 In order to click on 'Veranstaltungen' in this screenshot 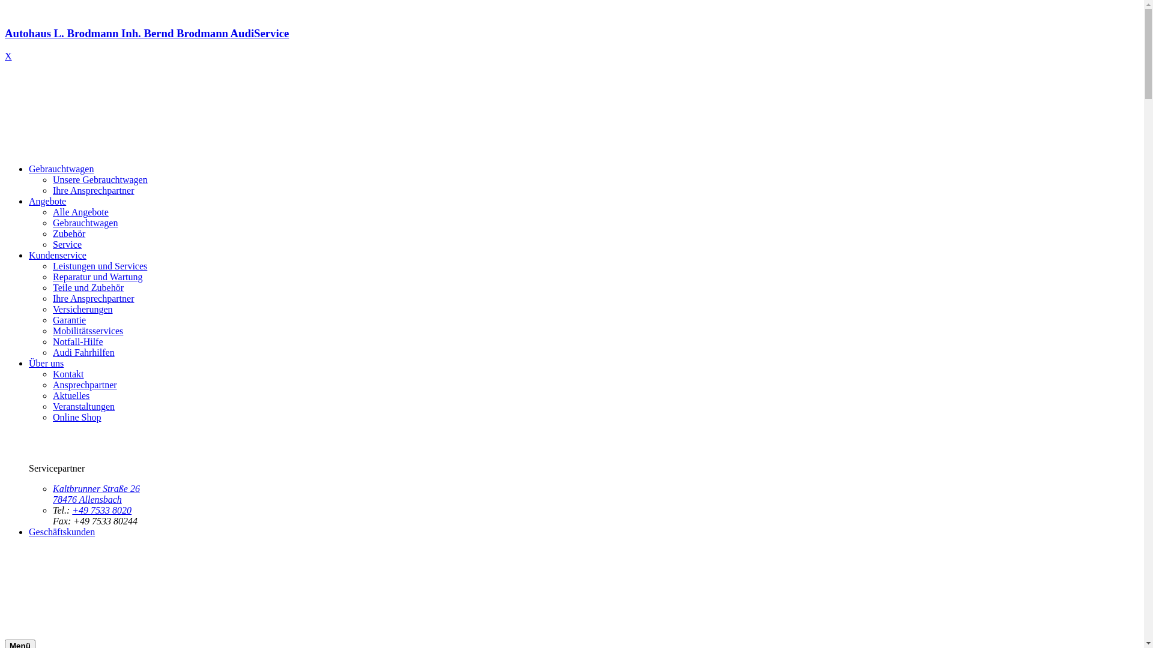, I will do `click(83, 406)`.